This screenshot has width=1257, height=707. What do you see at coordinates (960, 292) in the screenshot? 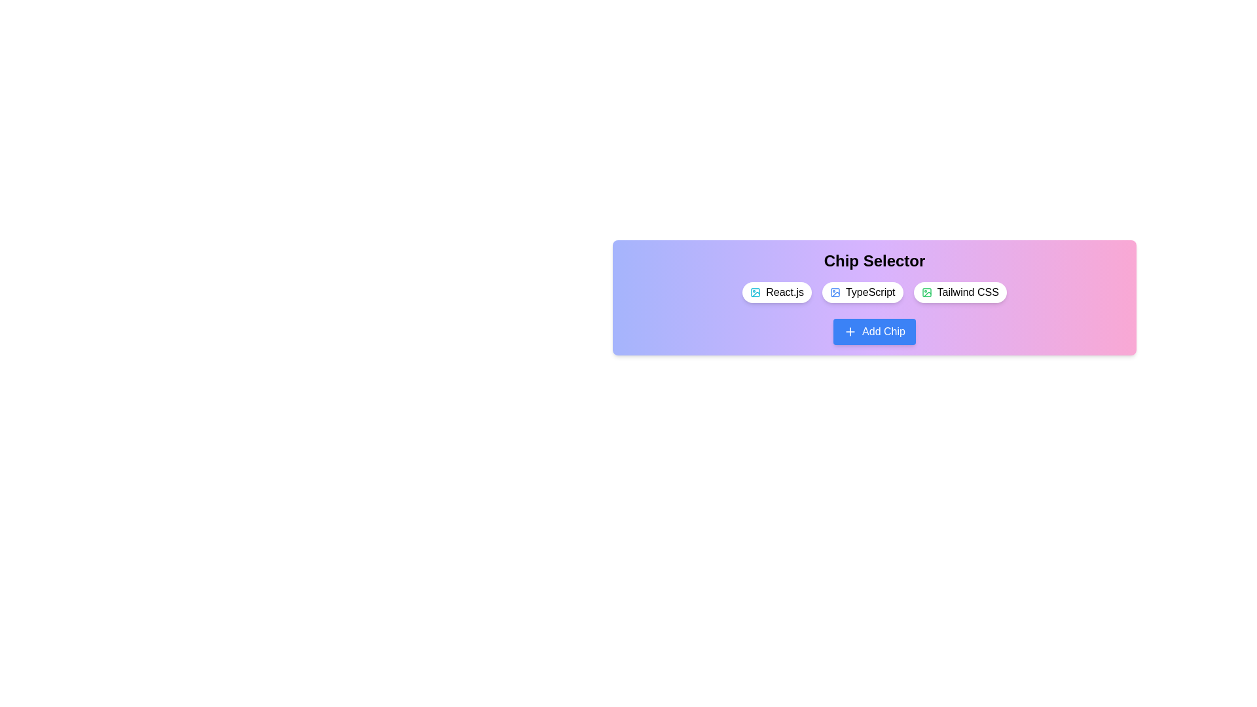
I see `the third selectable chip labeled 'Tailwind CSS'` at bounding box center [960, 292].